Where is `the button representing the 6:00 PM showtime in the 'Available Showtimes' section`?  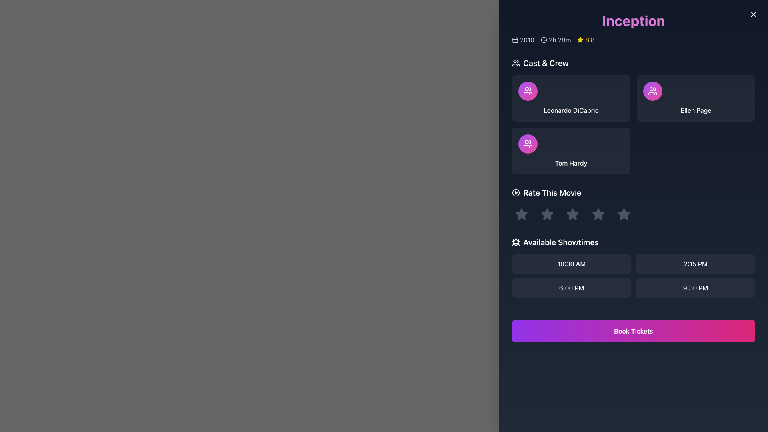
the button representing the 6:00 PM showtime in the 'Available Showtimes' section is located at coordinates (571, 288).